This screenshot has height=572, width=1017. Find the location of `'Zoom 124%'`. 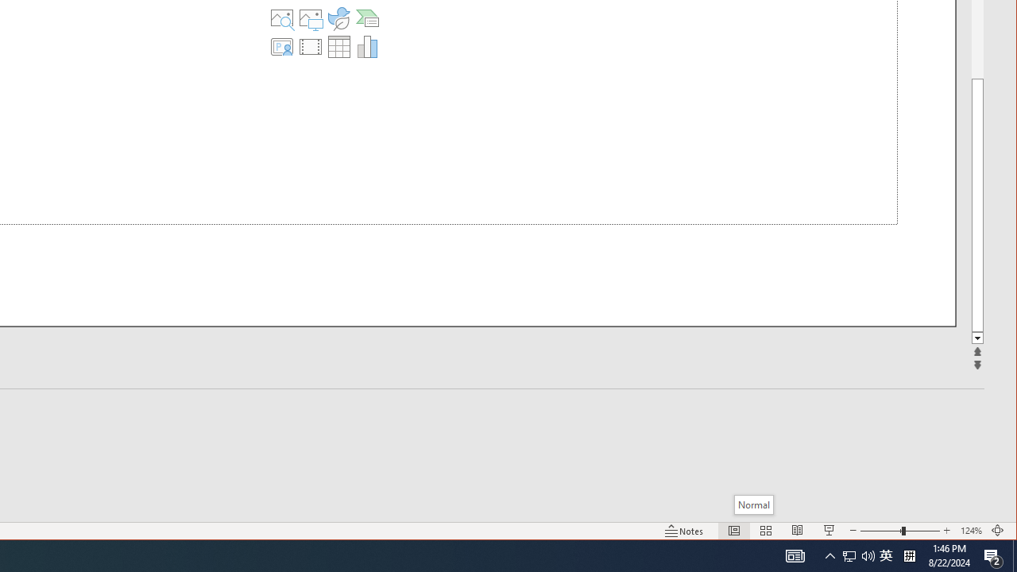

'Zoom 124%' is located at coordinates (970, 531).